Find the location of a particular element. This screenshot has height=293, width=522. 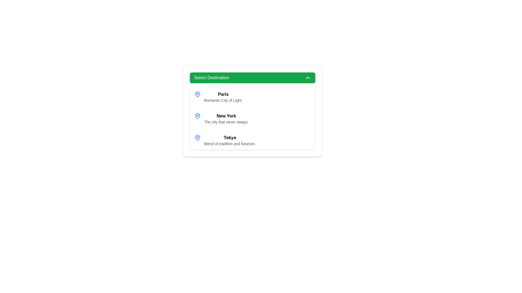

the text element 'Romantic City of Light', which is styled in a smaller light gray font and located directly below the larger text 'Paris' is located at coordinates (223, 100).